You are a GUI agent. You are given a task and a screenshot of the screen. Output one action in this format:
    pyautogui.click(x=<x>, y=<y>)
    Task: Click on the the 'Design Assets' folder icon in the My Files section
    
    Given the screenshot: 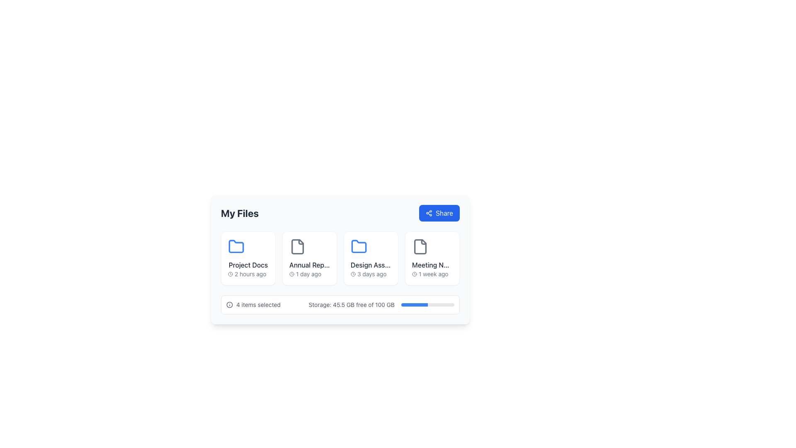 What is the action you would take?
    pyautogui.click(x=370, y=258)
    